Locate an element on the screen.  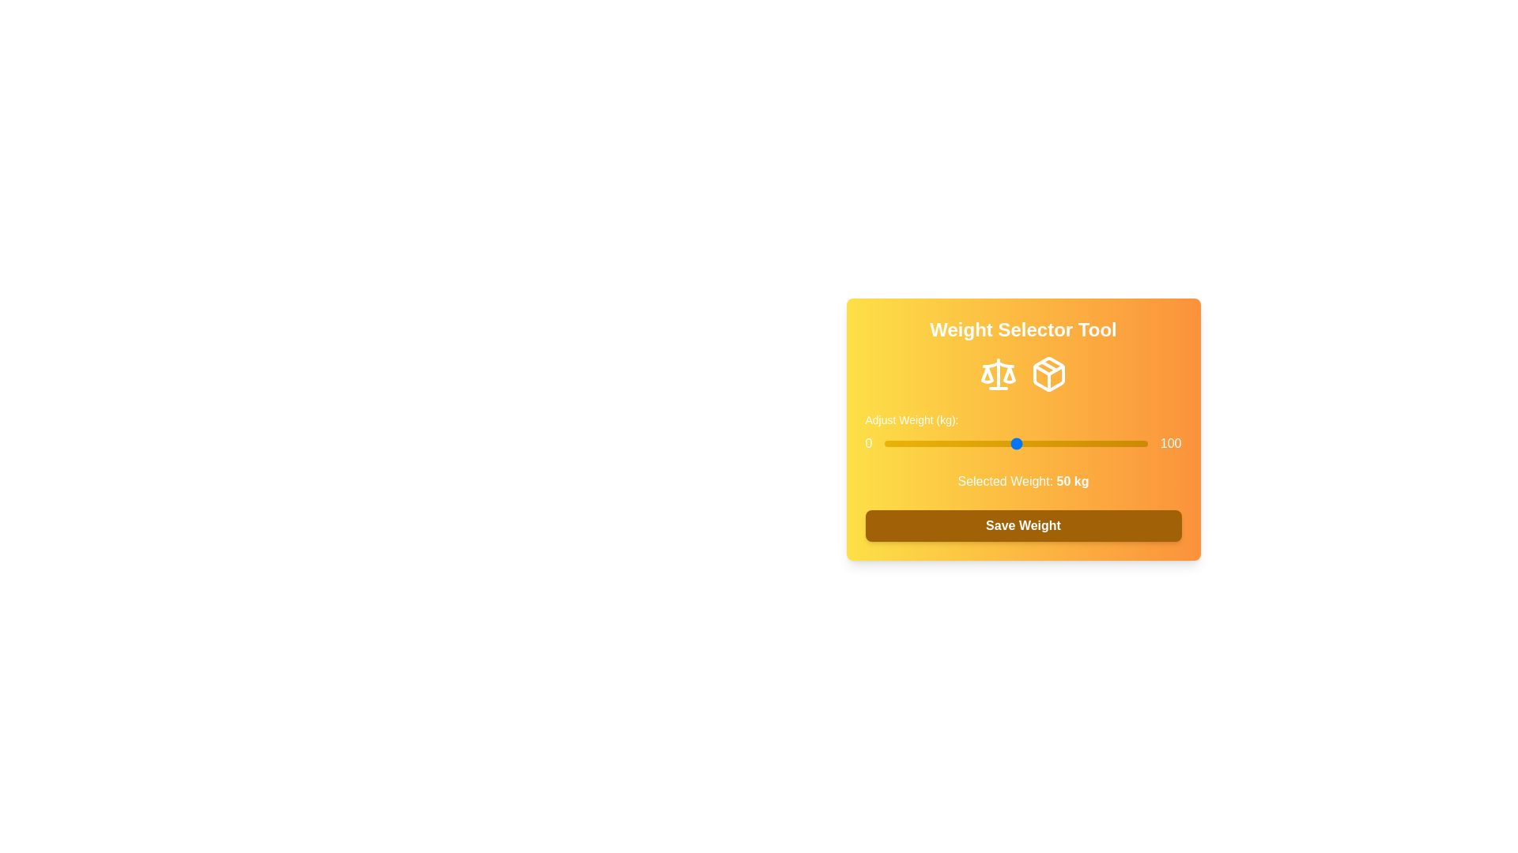
the weight slider to 15 kg is located at coordinates (923, 444).